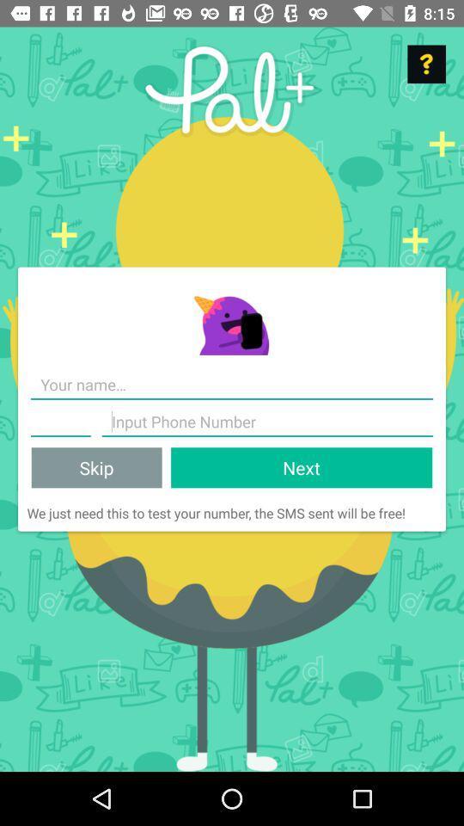 This screenshot has width=464, height=826. Describe the element at coordinates (267, 421) in the screenshot. I see `a phone number` at that location.